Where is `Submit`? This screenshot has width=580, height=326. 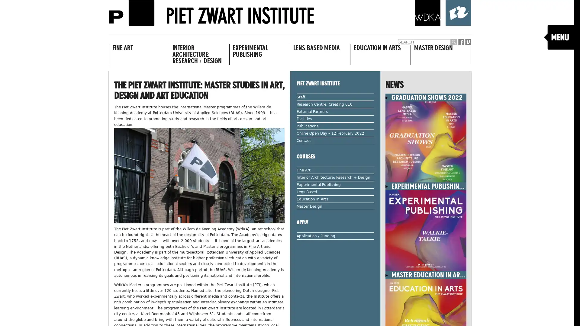
Submit is located at coordinates (454, 42).